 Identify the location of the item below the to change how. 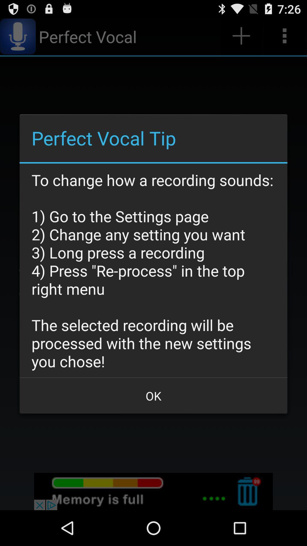
(153, 396).